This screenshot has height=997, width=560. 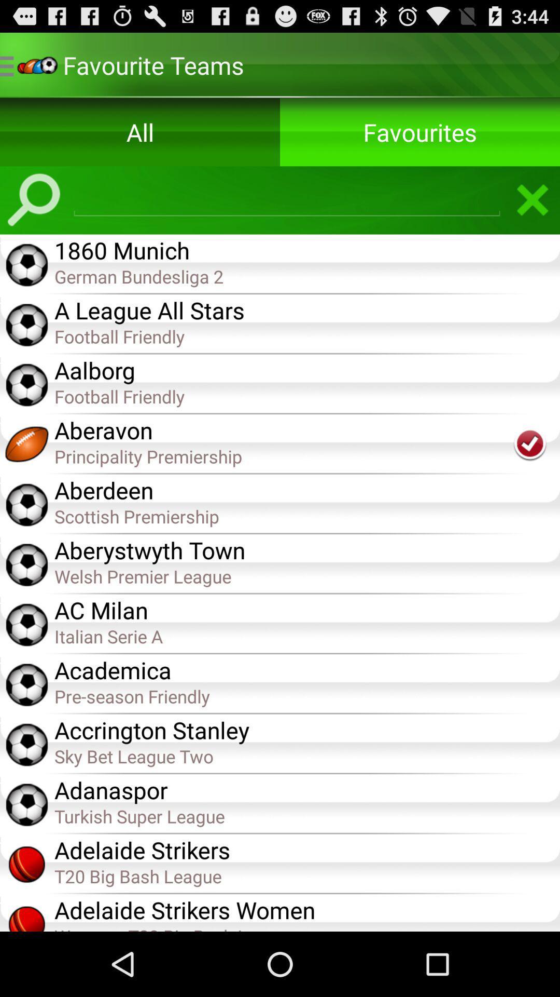 I want to click on item below the aberystwyth town item, so click(x=306, y=575).